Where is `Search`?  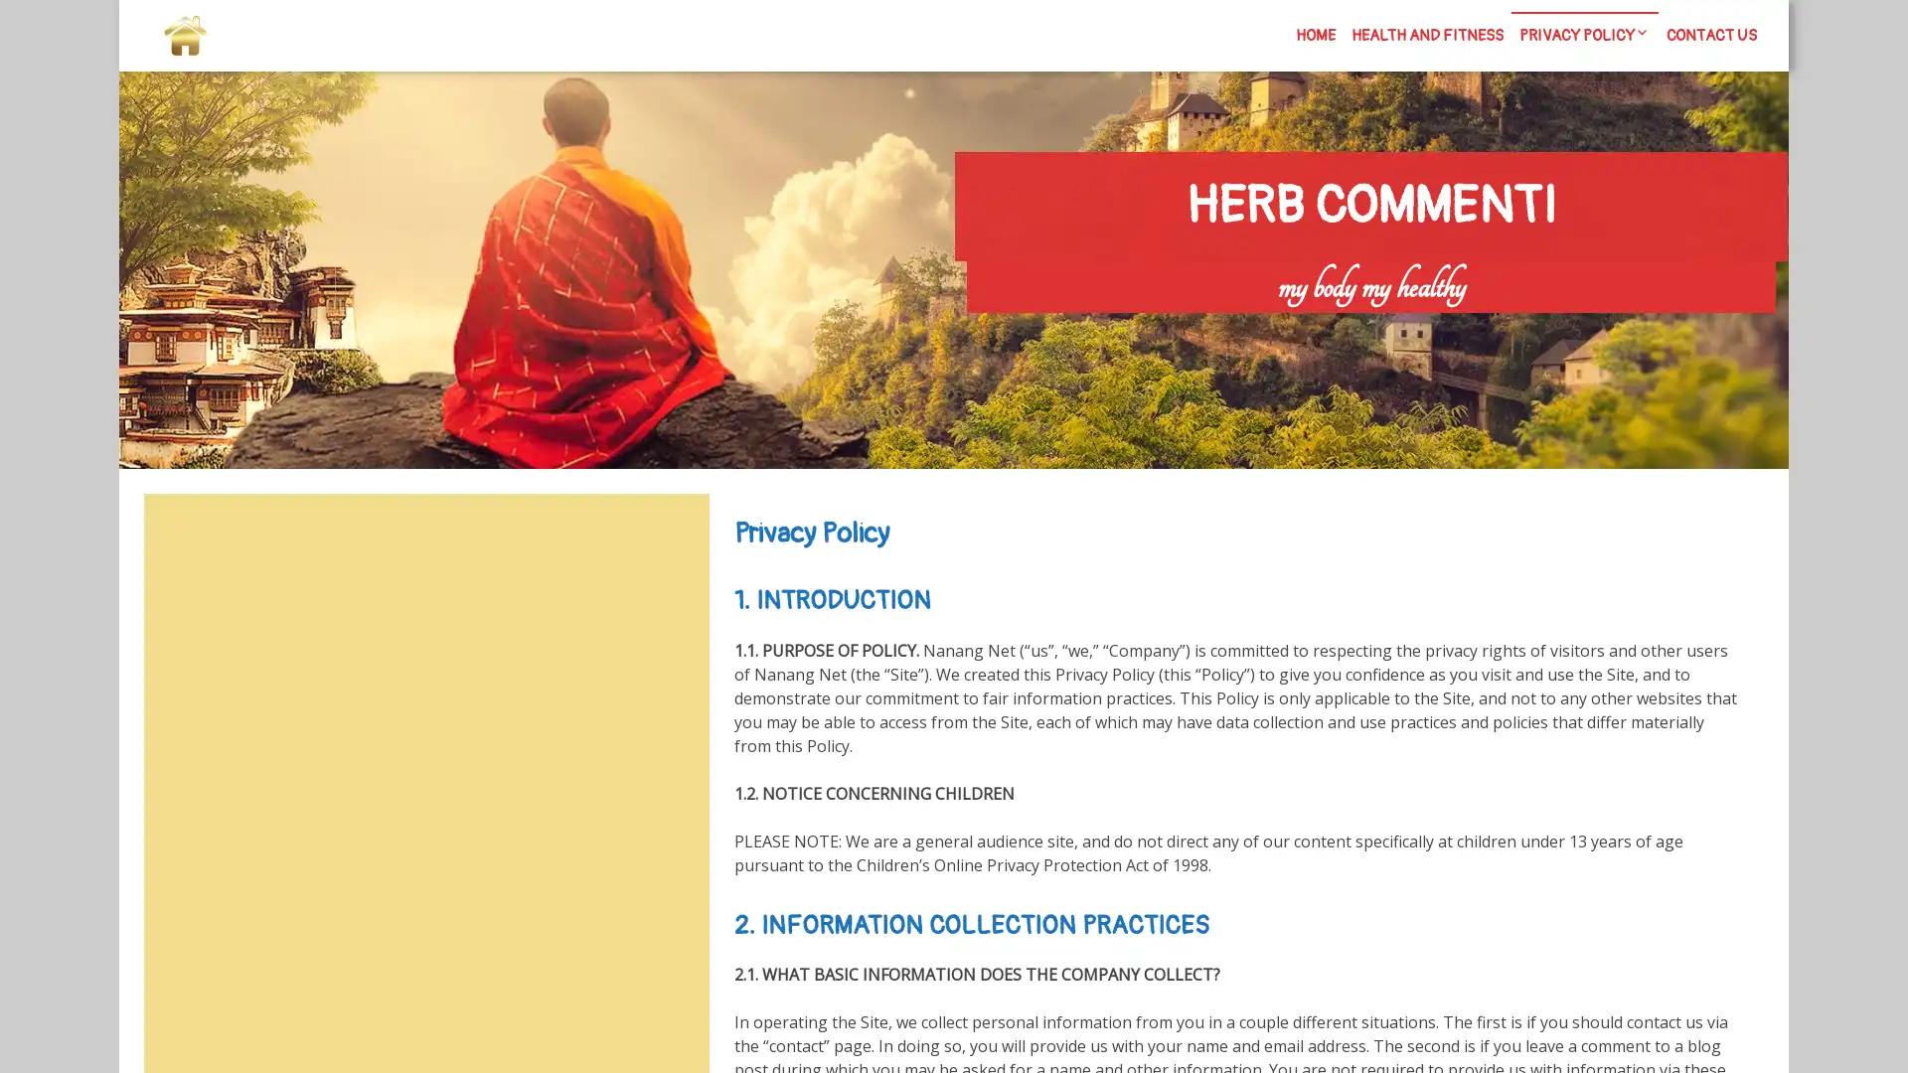
Search is located at coordinates (1547, 325).